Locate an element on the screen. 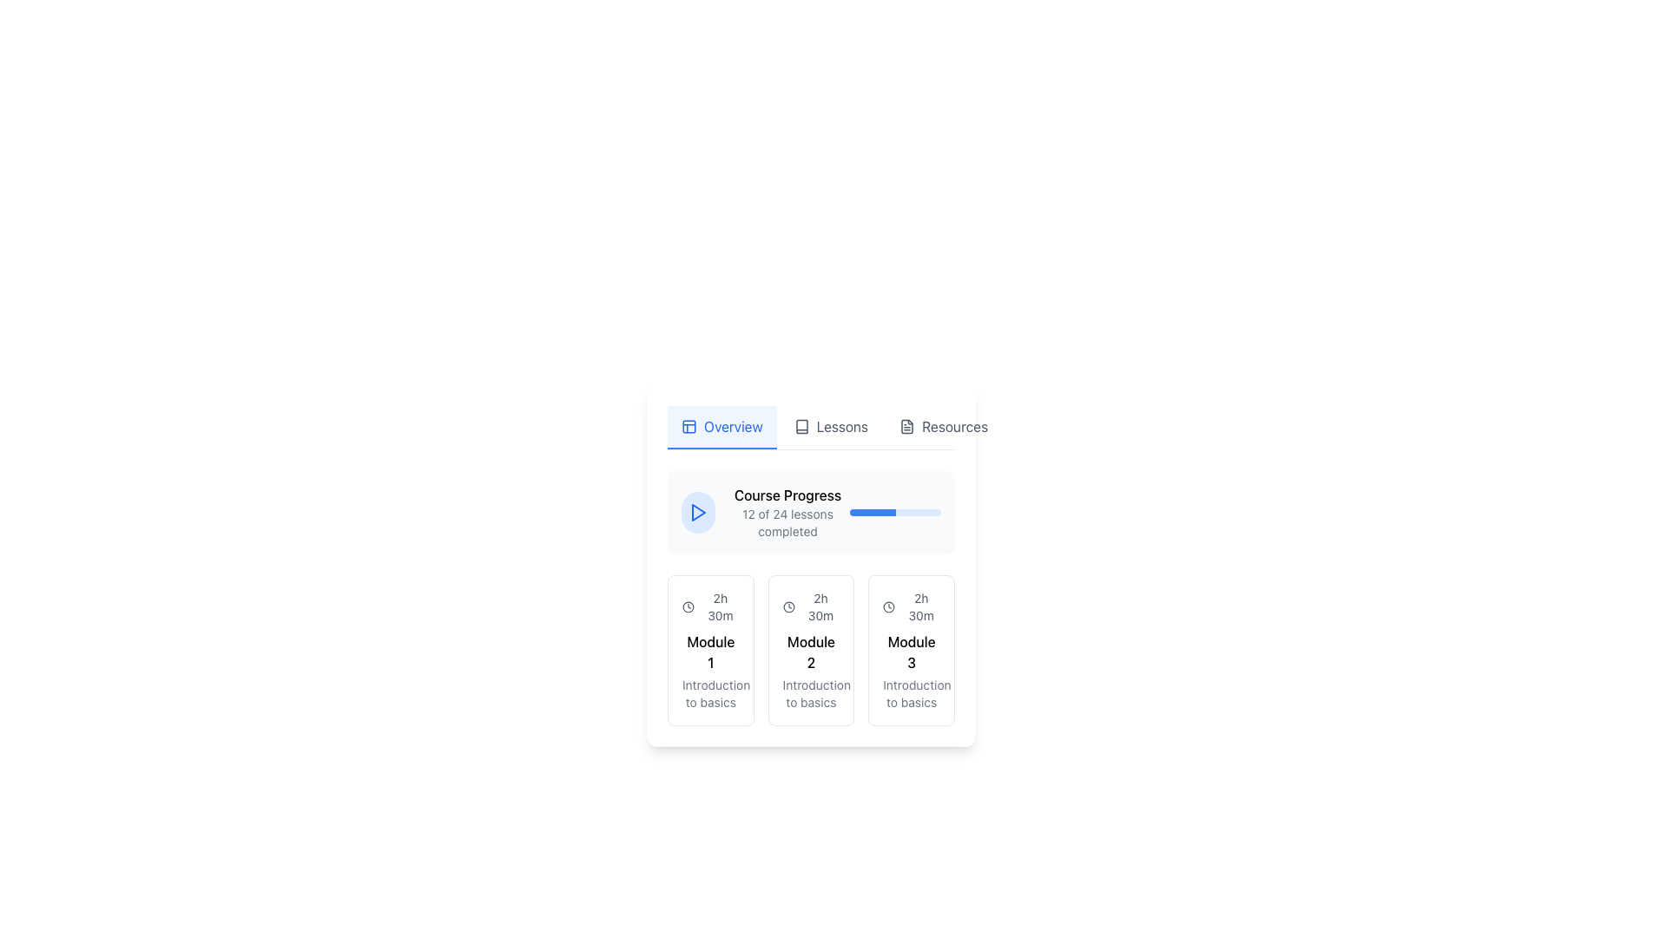 The height and width of the screenshot is (937, 1667). the grid layout icon with a blue border located in the 'Overview' tab, to the left of the 'Overview' text label is located at coordinates (688, 427).